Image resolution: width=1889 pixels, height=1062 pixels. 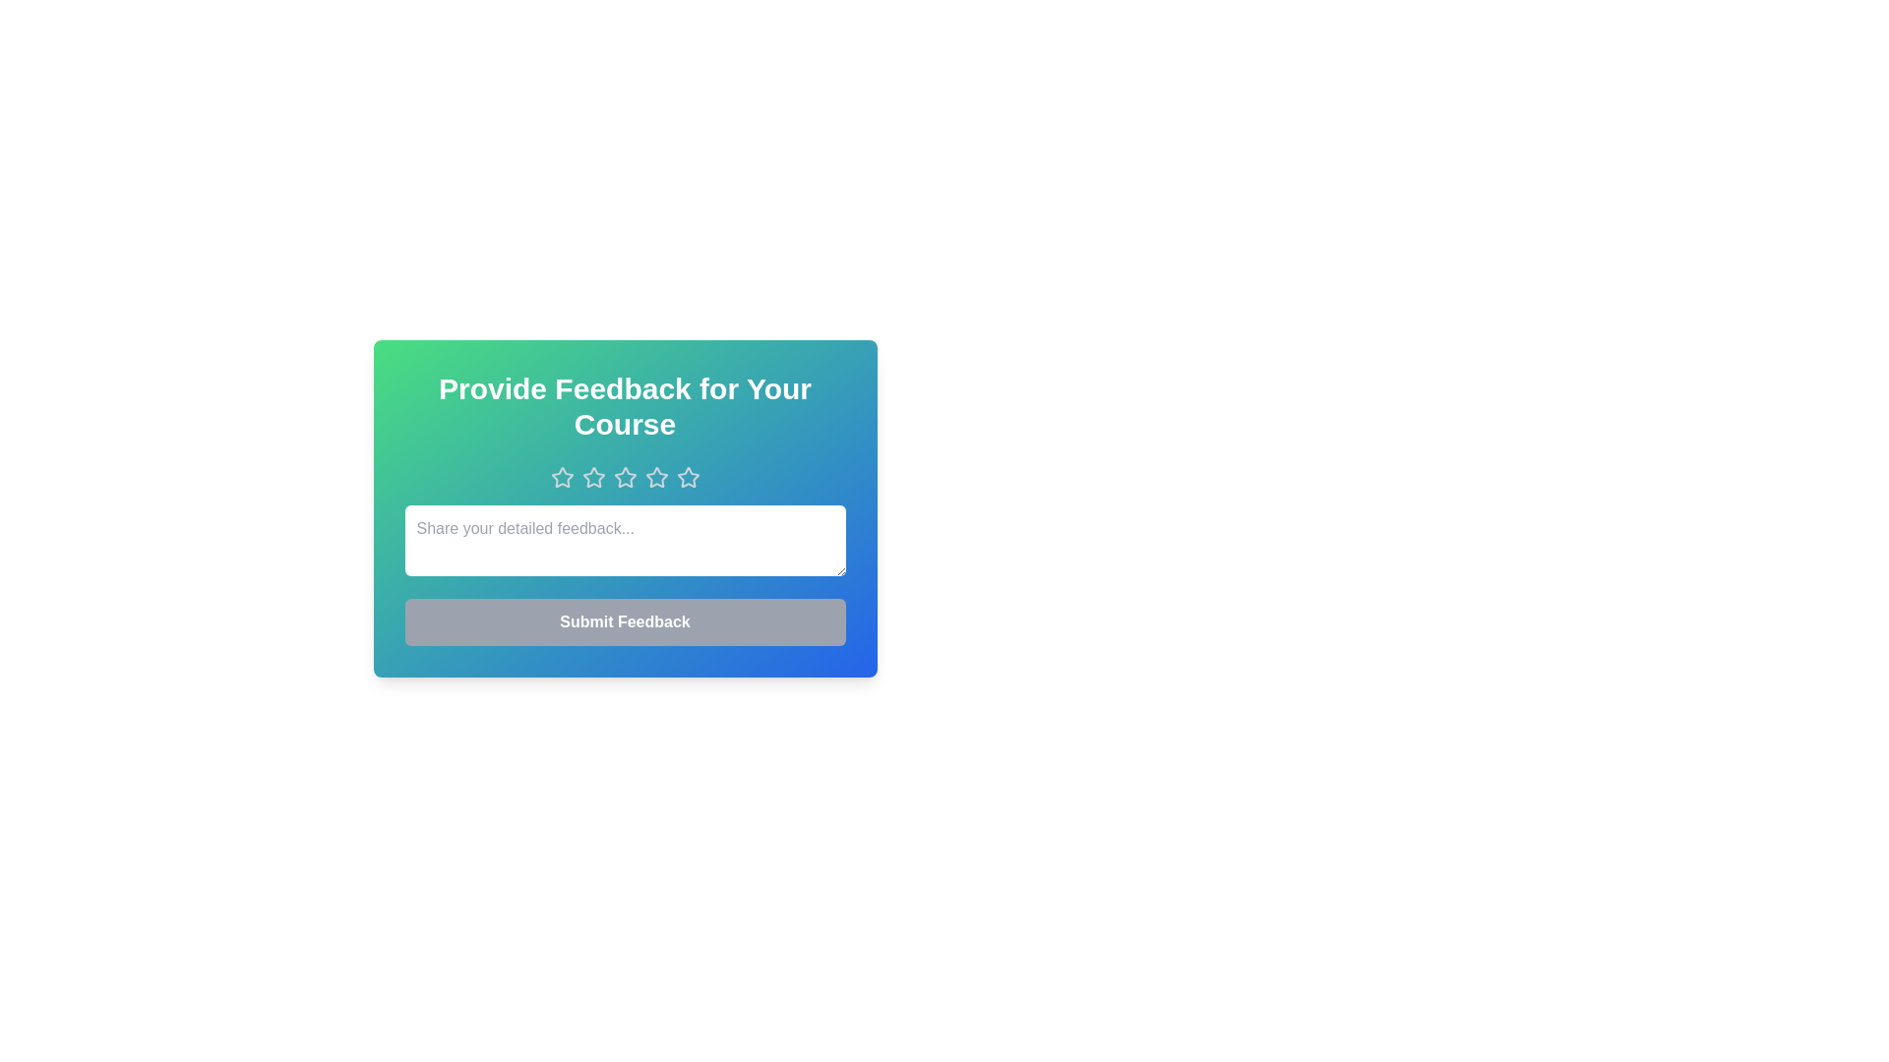 I want to click on the text area and type the feedback text, so click(x=624, y=541).